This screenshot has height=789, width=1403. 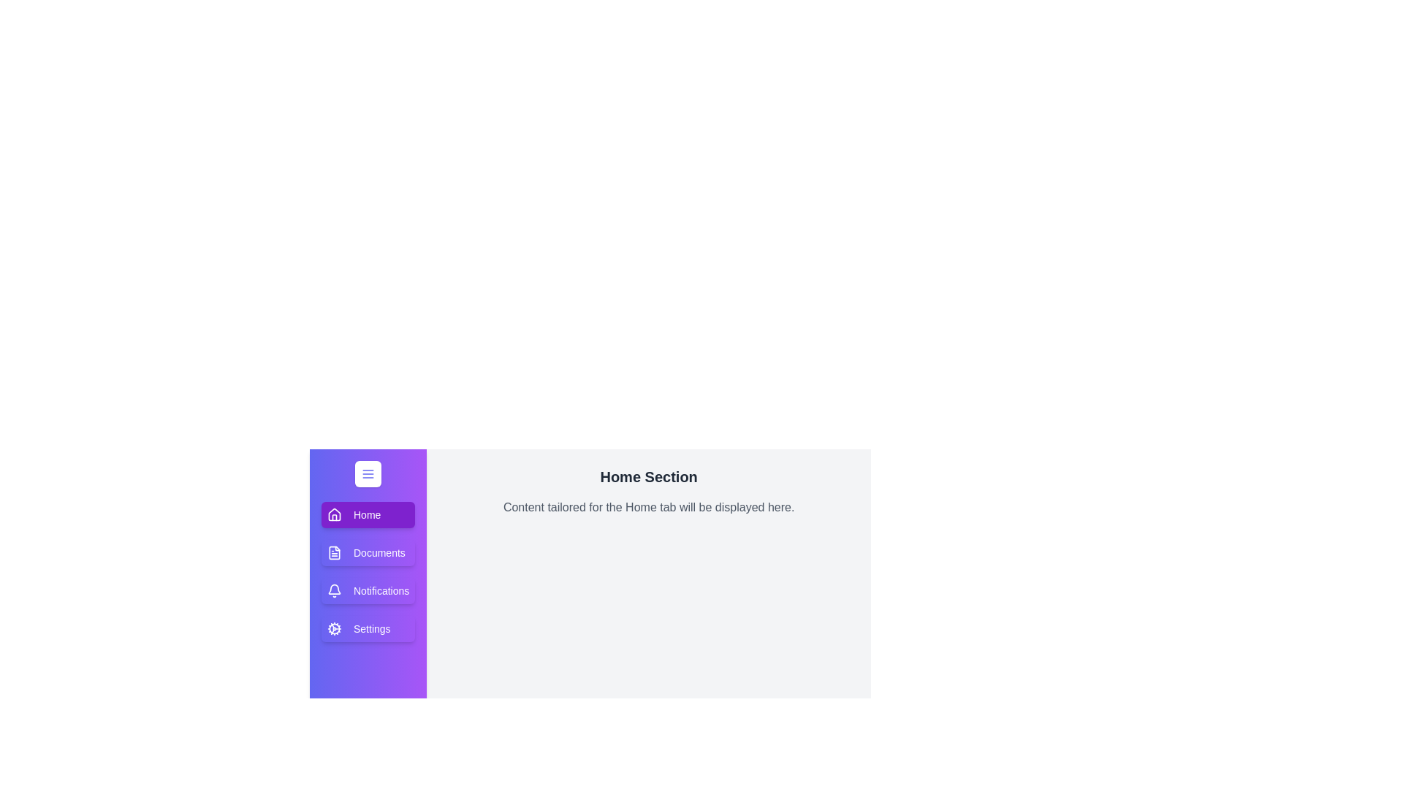 What do you see at coordinates (368, 514) in the screenshot?
I see `the tab labeled Home` at bounding box center [368, 514].